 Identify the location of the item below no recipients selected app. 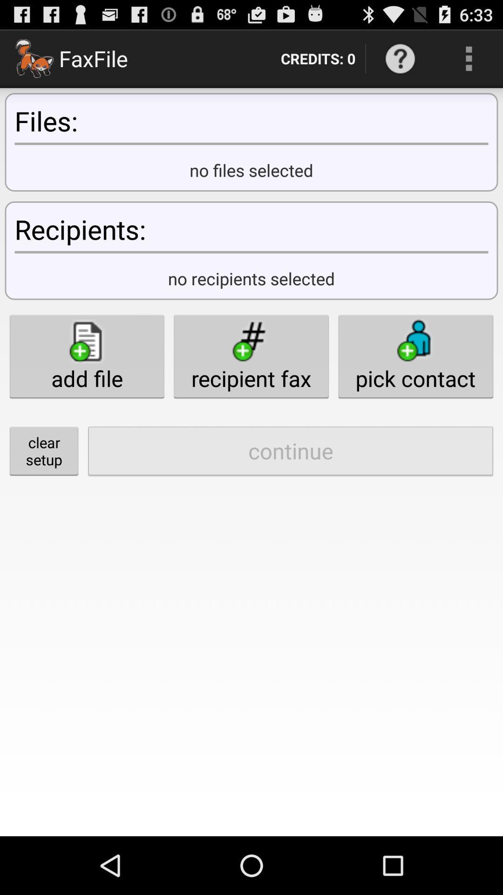
(251, 356).